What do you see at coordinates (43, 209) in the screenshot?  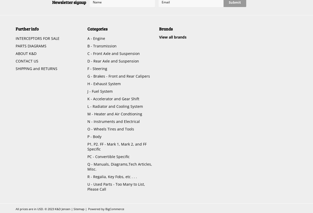 I see `'.'` at bounding box center [43, 209].